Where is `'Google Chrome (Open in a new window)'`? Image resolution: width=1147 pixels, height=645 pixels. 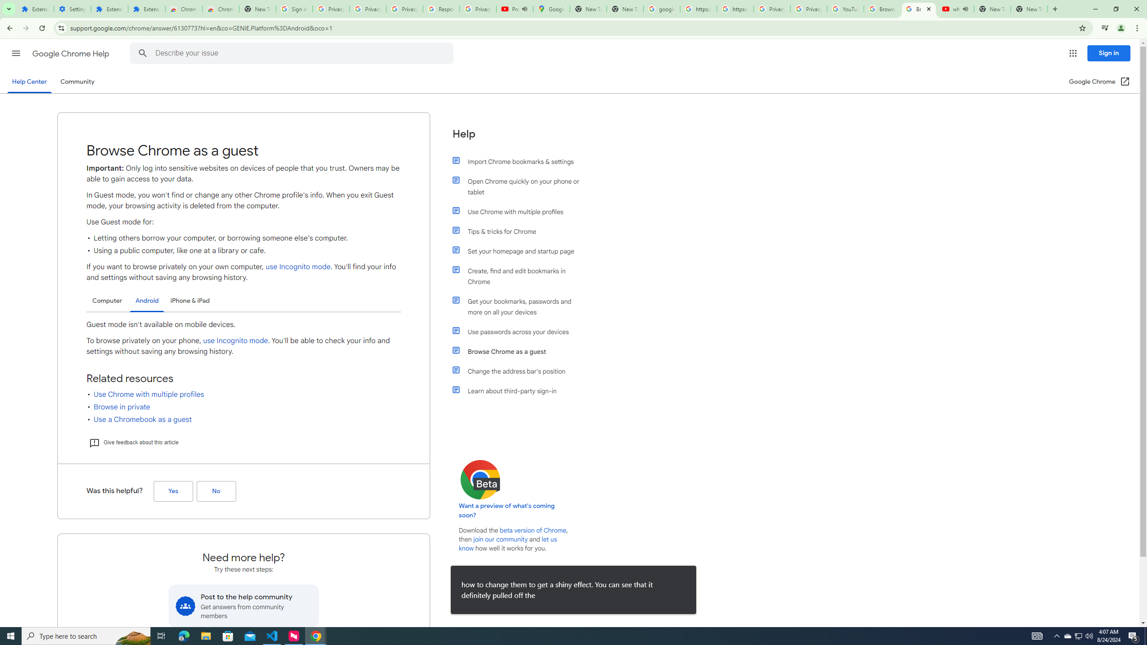 'Google Chrome (Open in a new window)' is located at coordinates (1100, 81).